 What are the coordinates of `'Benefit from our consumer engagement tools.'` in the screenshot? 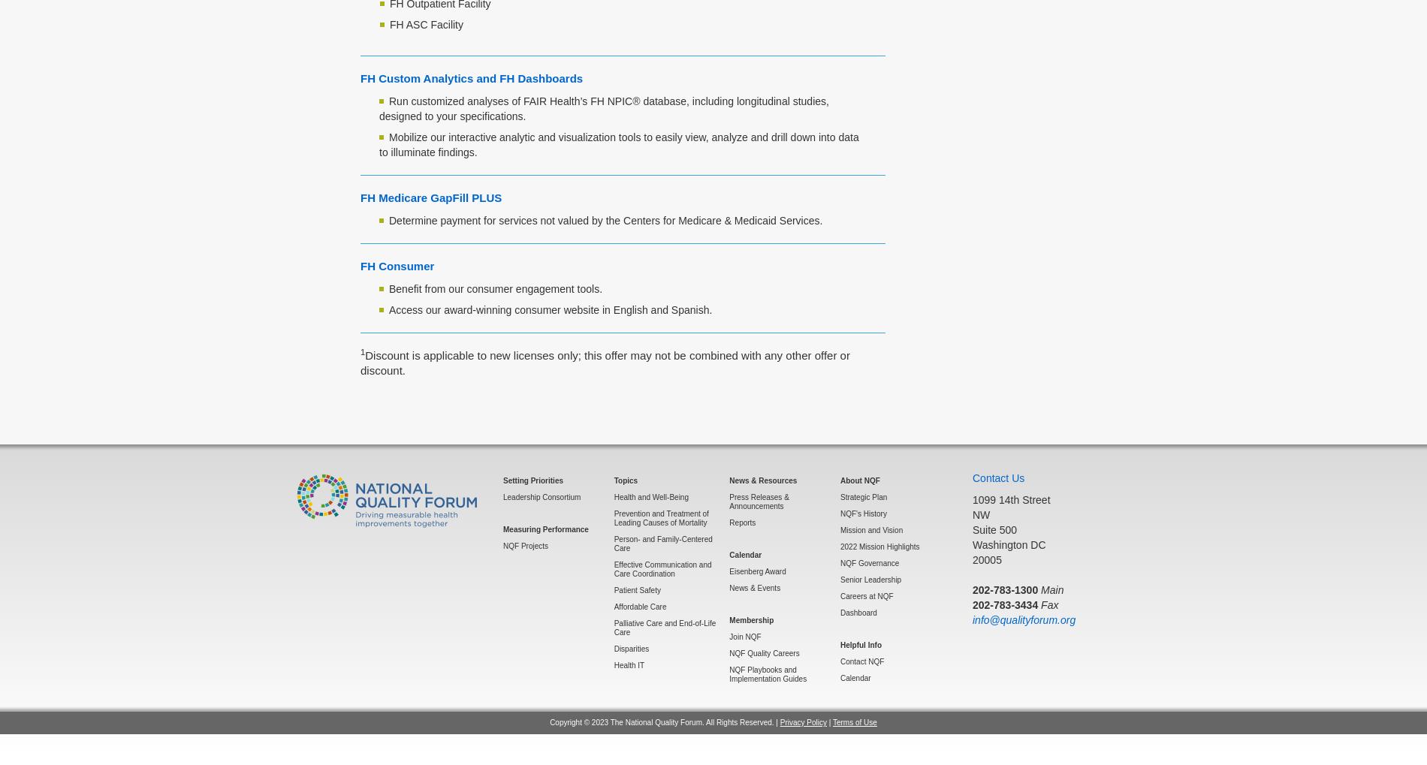 It's located at (496, 288).